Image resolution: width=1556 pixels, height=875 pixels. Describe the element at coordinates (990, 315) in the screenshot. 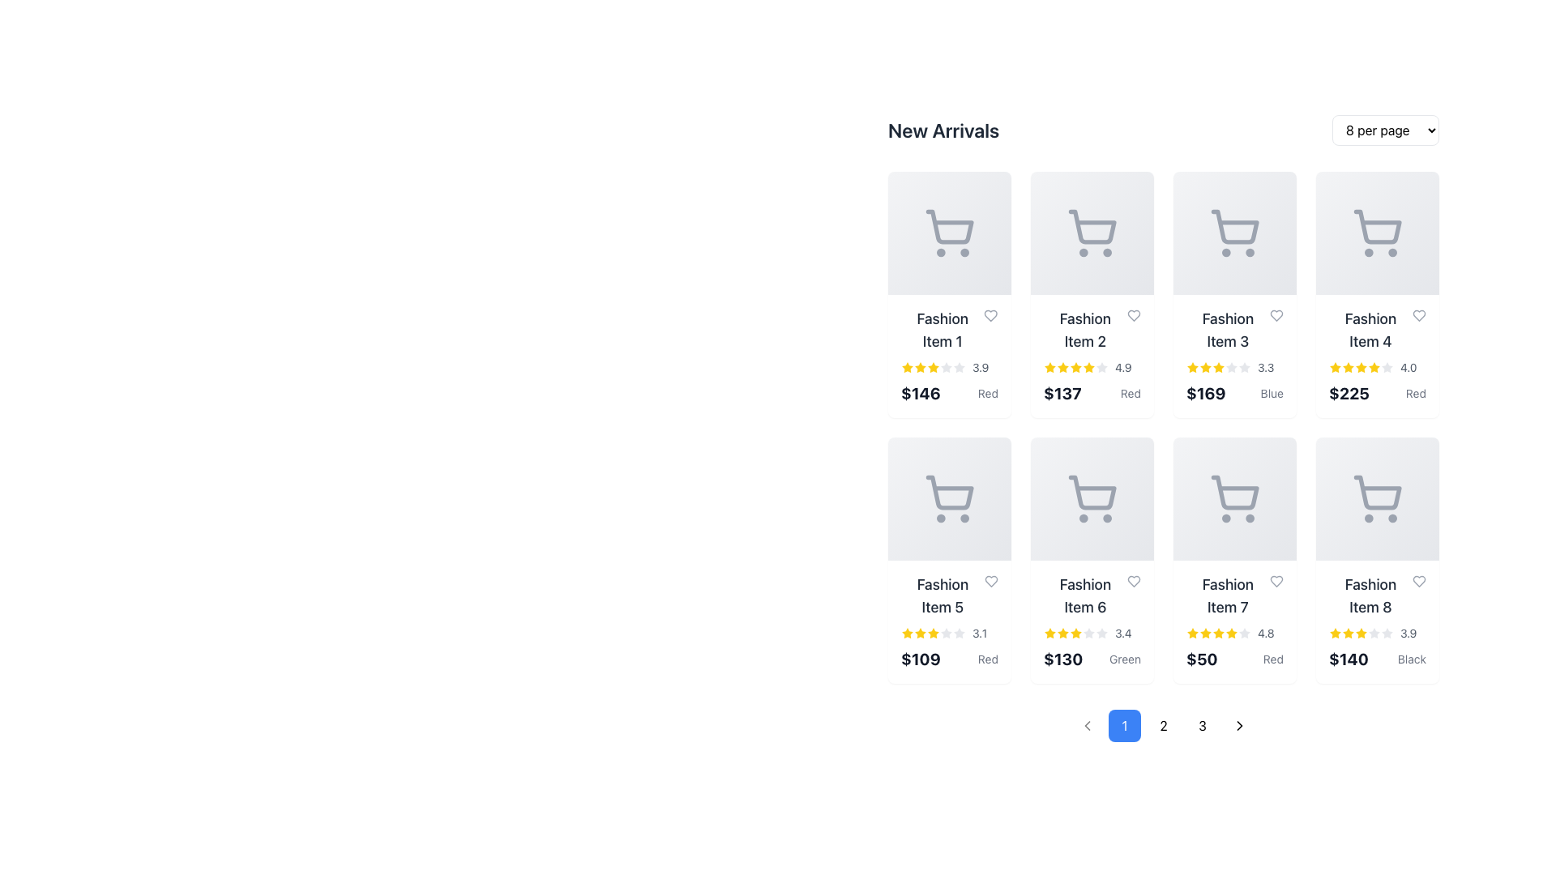

I see `the heart icon in the top-right corner of the card for 'Fashion Item 1' to mark the product as favorite` at that location.